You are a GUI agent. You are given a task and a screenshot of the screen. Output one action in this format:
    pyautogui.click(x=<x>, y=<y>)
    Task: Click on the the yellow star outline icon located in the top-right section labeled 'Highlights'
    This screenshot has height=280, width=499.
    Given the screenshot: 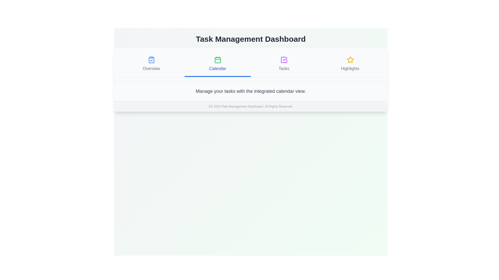 What is the action you would take?
    pyautogui.click(x=350, y=60)
    